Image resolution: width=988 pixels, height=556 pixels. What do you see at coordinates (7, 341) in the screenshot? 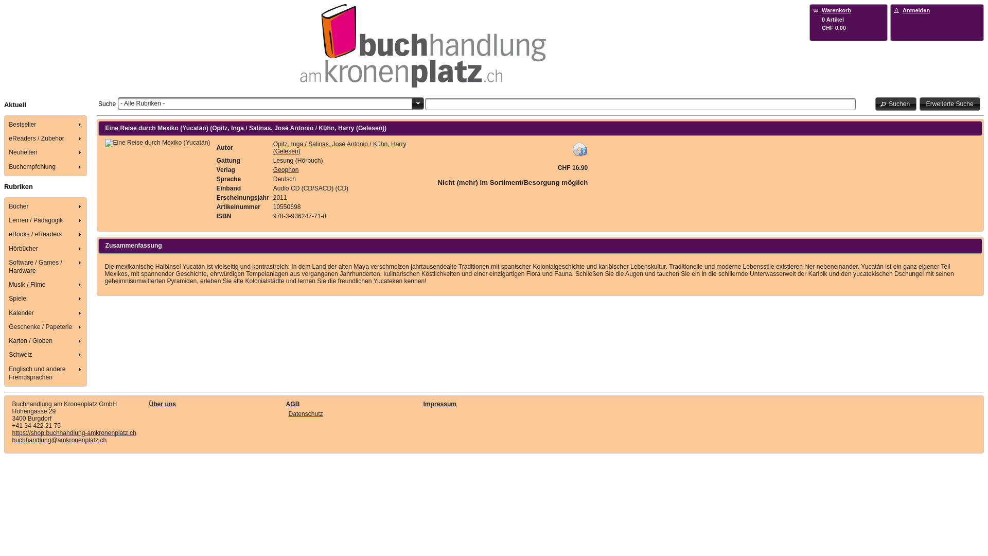
I see `'Karten / Globen'` at bounding box center [7, 341].